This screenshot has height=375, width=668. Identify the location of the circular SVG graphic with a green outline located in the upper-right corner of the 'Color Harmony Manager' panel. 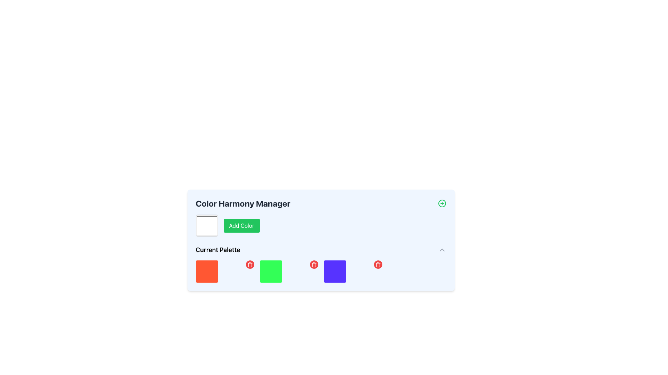
(442, 203).